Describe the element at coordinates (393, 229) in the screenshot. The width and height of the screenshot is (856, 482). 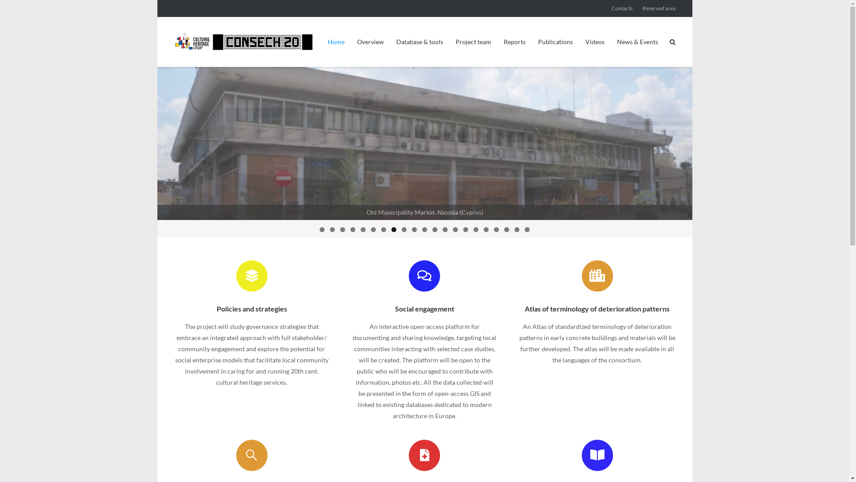
I see `'8'` at that location.